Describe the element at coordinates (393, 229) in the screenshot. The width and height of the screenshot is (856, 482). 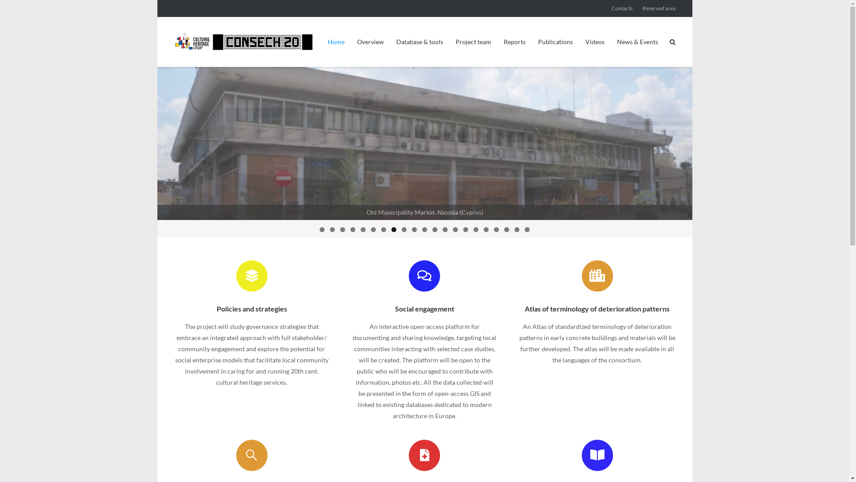
I see `'8'` at that location.